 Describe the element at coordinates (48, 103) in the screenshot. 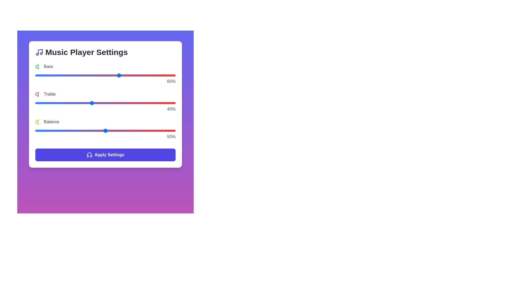

I see `the 1 slider to 9%` at that location.